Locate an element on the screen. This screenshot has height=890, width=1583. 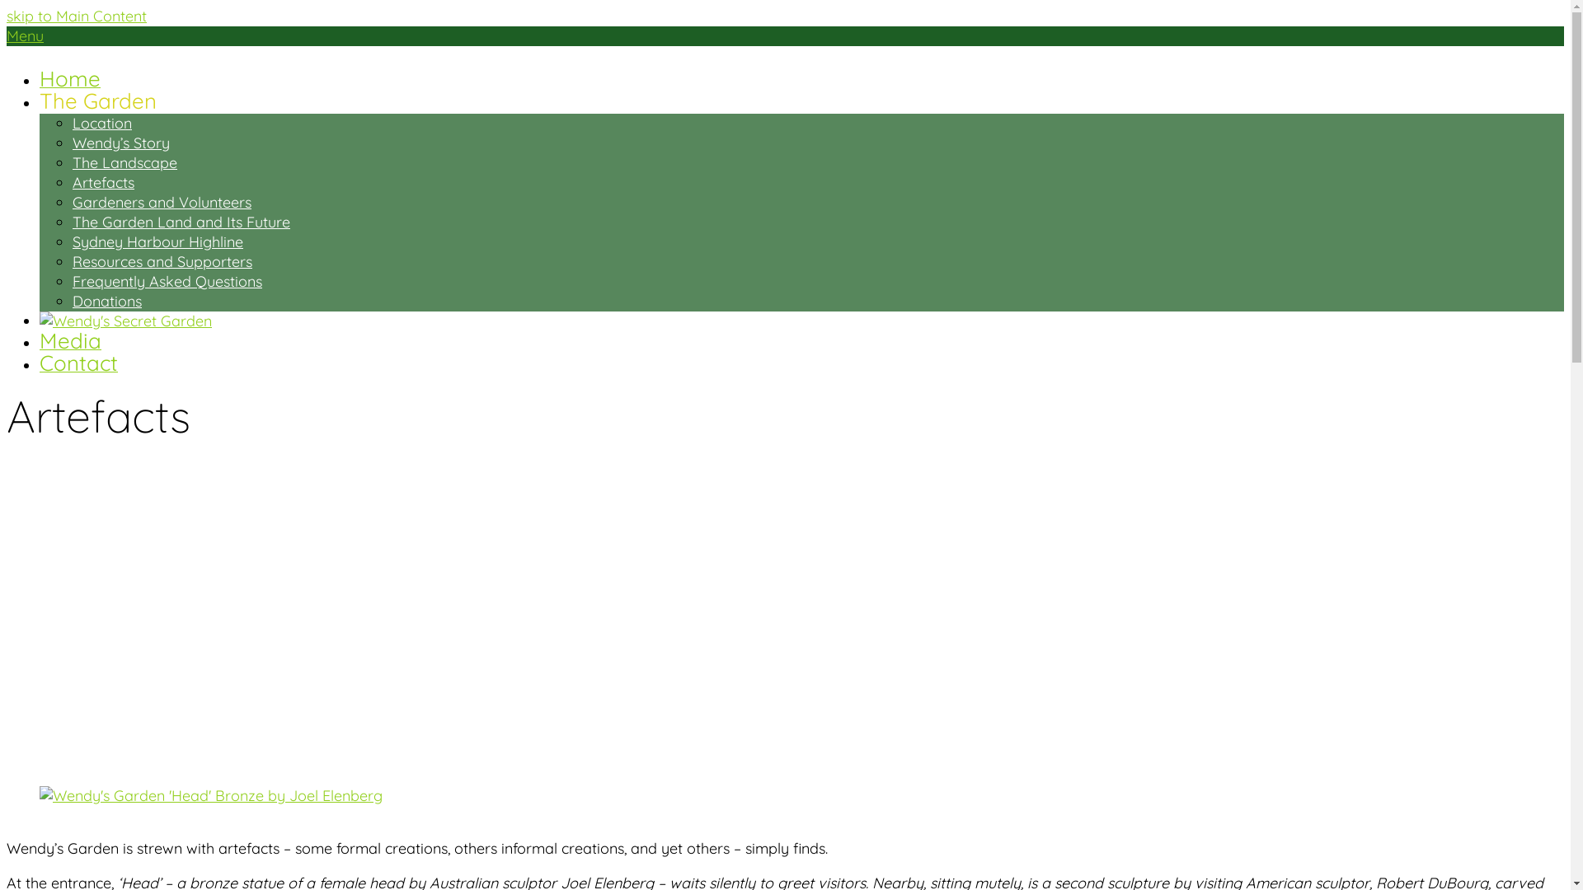
'Gardeners and Volunteers' is located at coordinates (162, 201).